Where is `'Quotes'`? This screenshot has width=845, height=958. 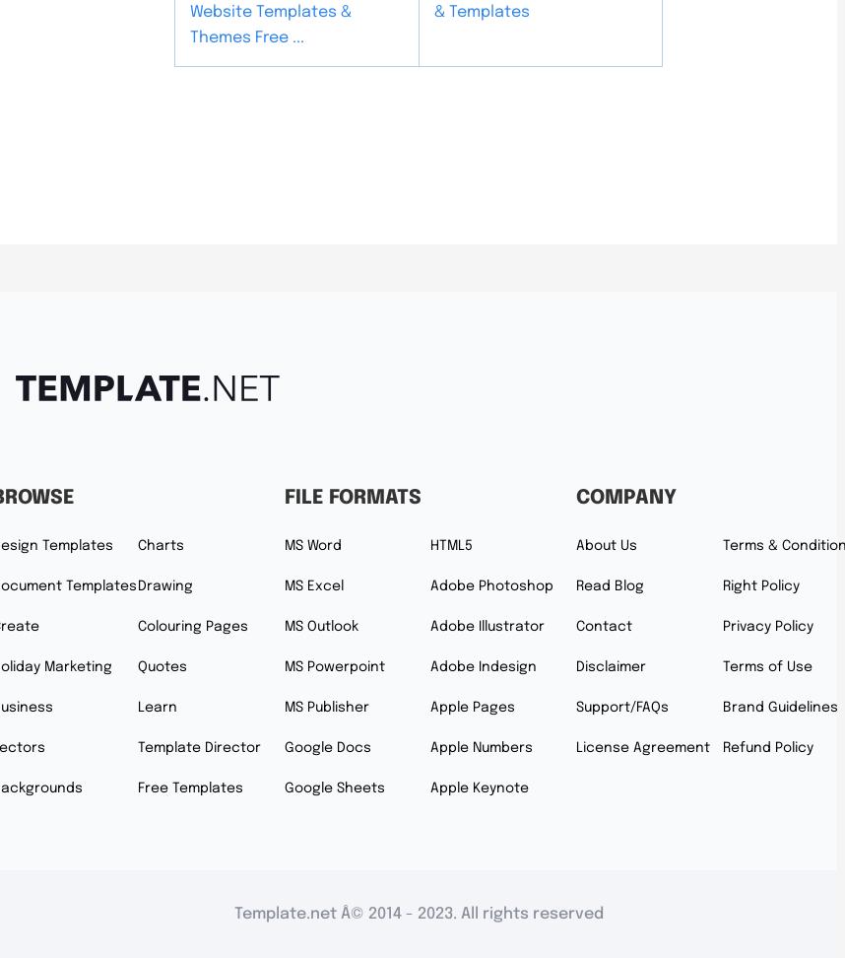
'Quotes' is located at coordinates (161, 665).